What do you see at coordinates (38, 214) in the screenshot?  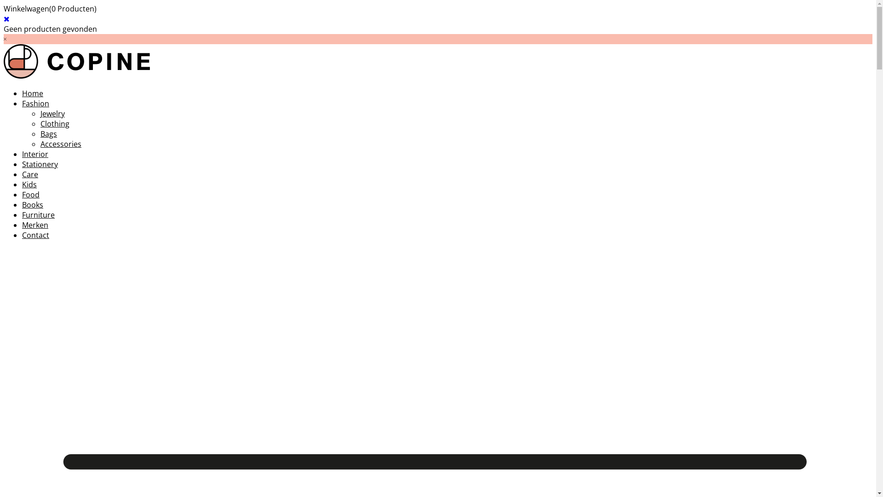 I see `'Furniture'` at bounding box center [38, 214].